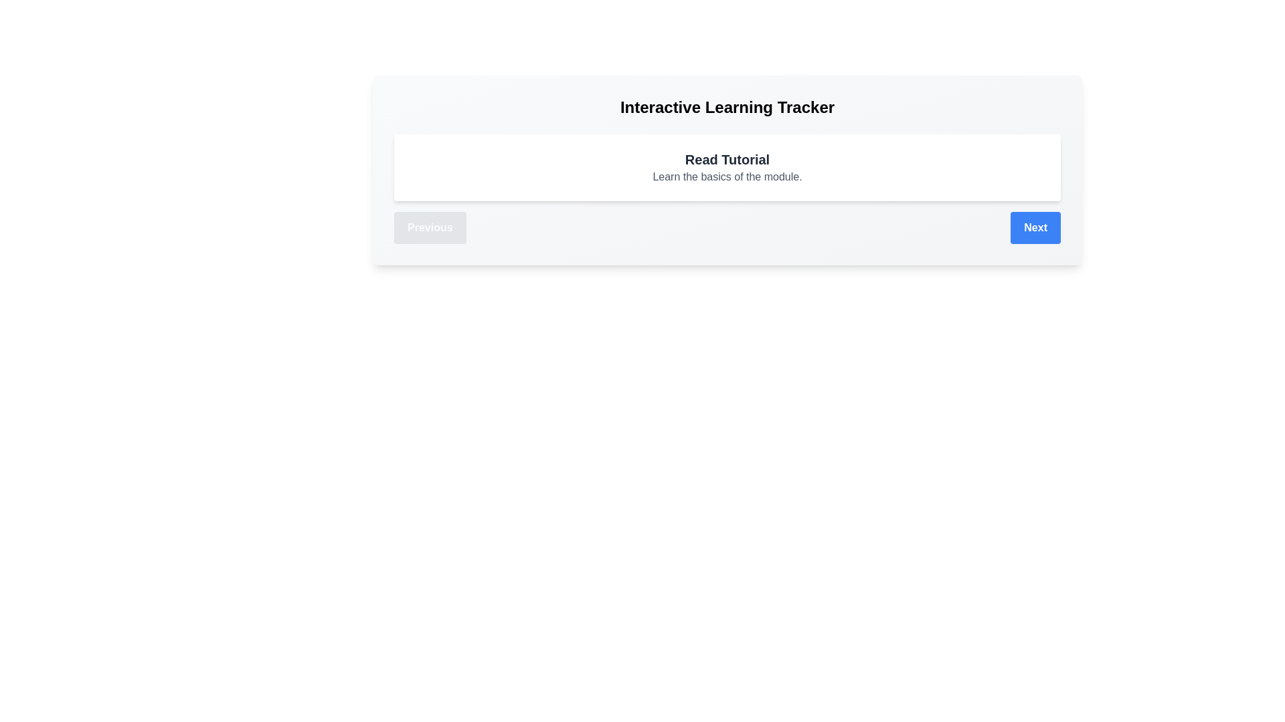  What do you see at coordinates (1035, 227) in the screenshot?
I see `'Next' button to proceed to the next stage` at bounding box center [1035, 227].